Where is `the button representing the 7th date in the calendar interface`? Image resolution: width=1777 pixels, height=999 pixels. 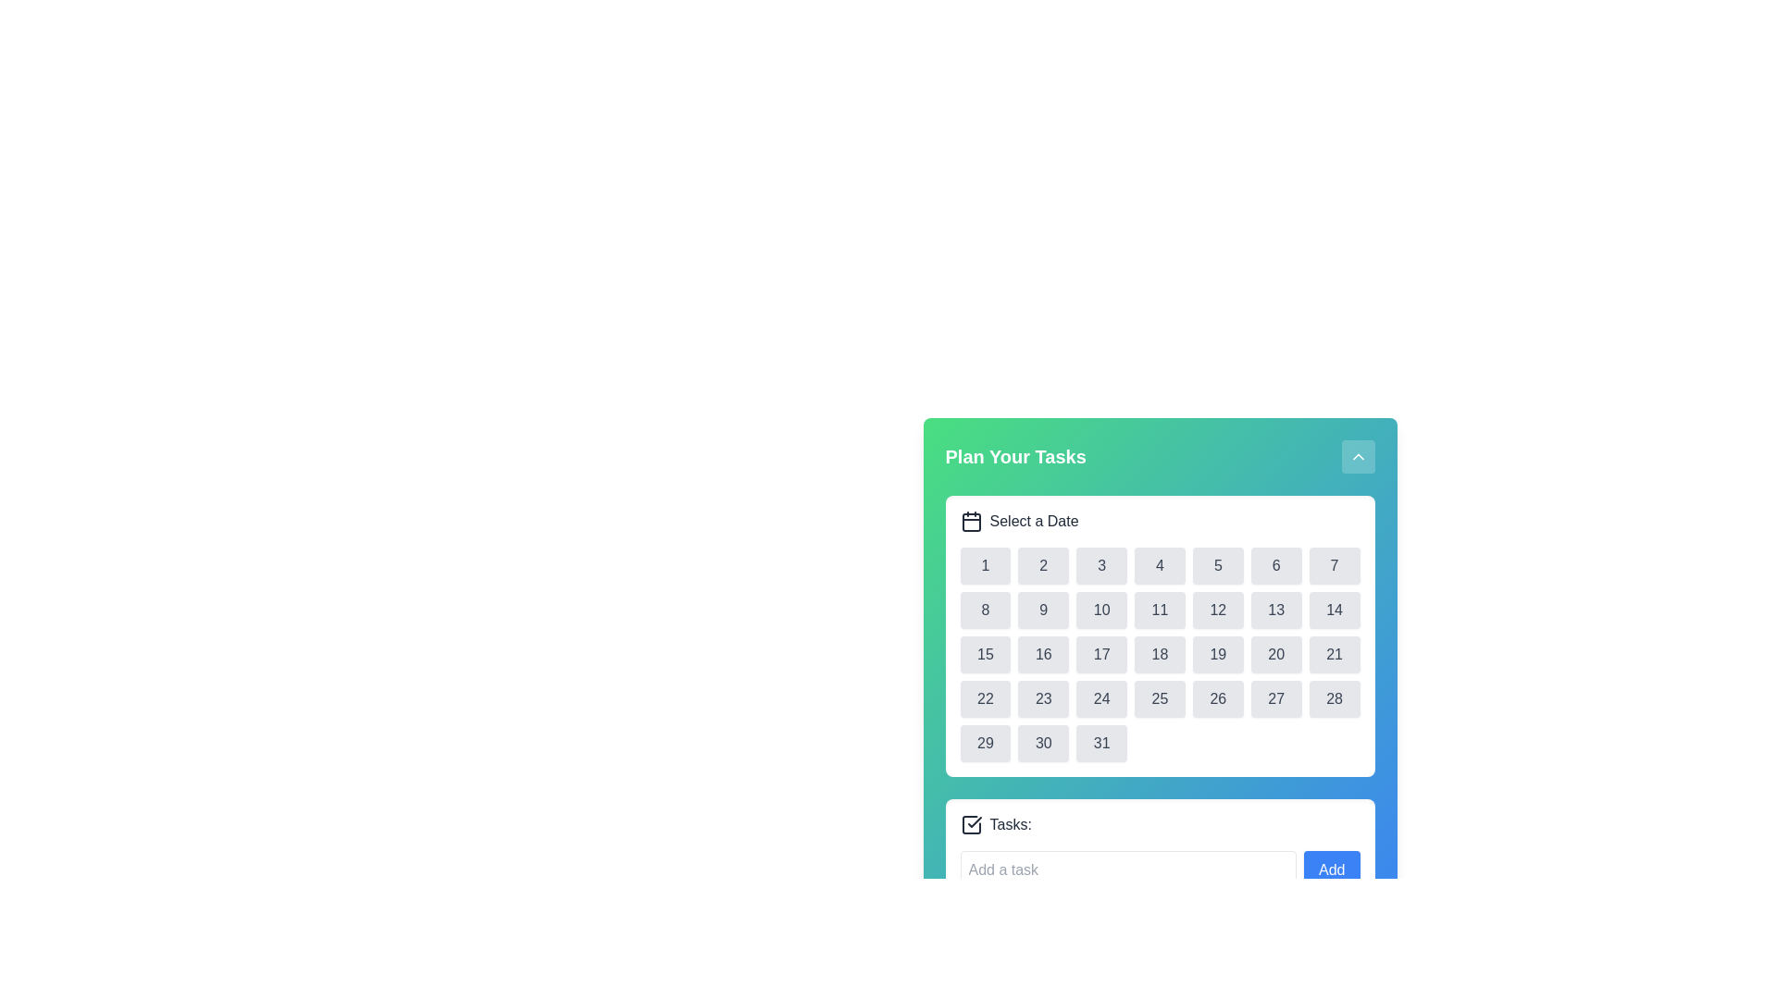
the button representing the 7th date in the calendar interface is located at coordinates (1335, 565).